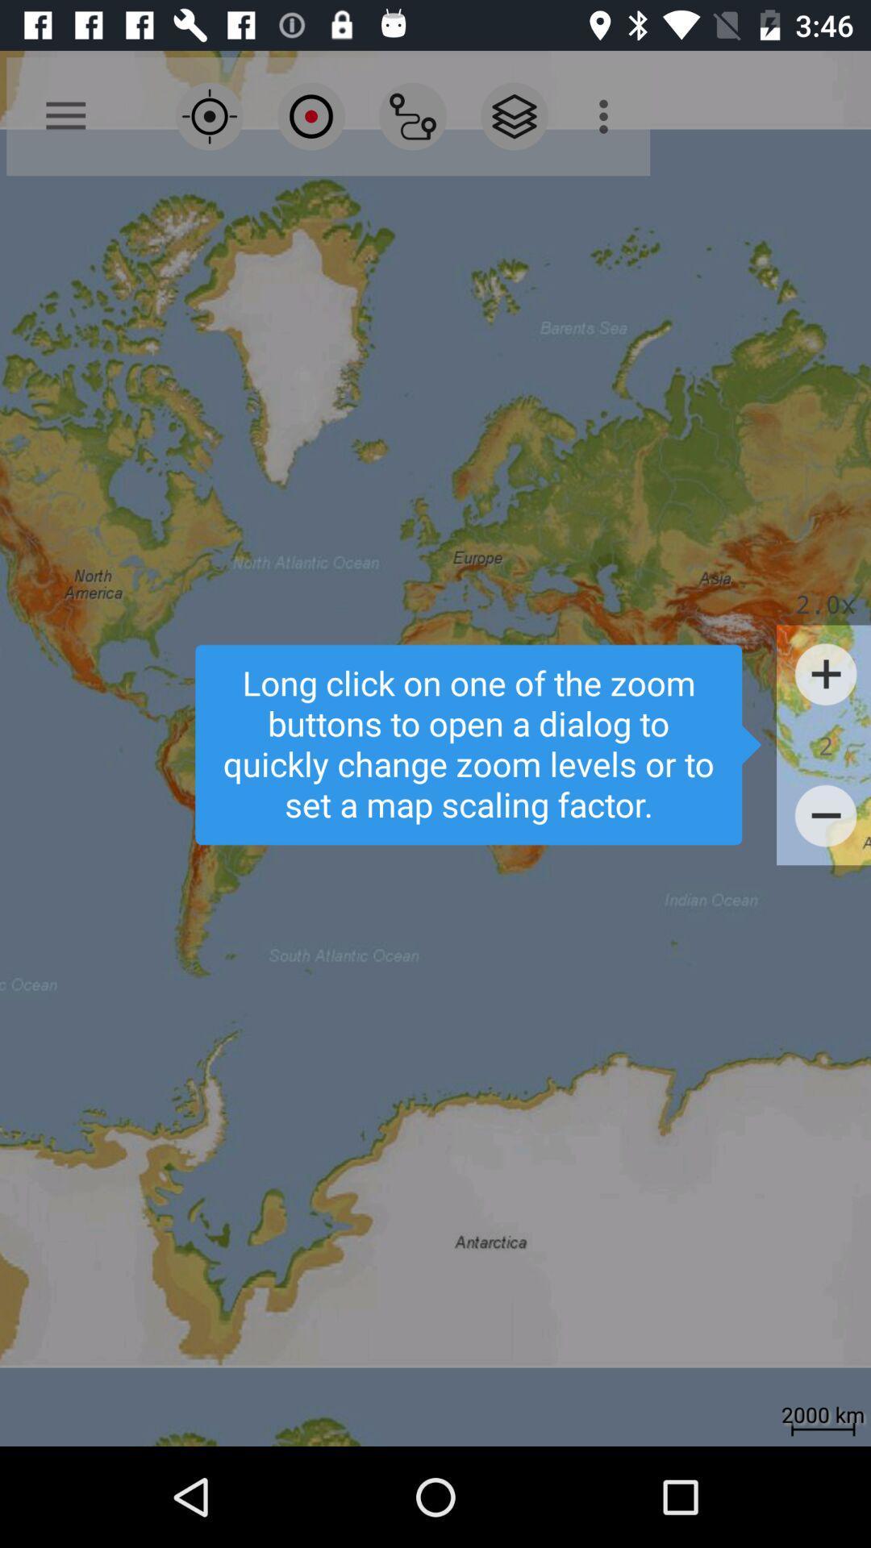 The width and height of the screenshot is (871, 1548). I want to click on the add icon, so click(826, 674).